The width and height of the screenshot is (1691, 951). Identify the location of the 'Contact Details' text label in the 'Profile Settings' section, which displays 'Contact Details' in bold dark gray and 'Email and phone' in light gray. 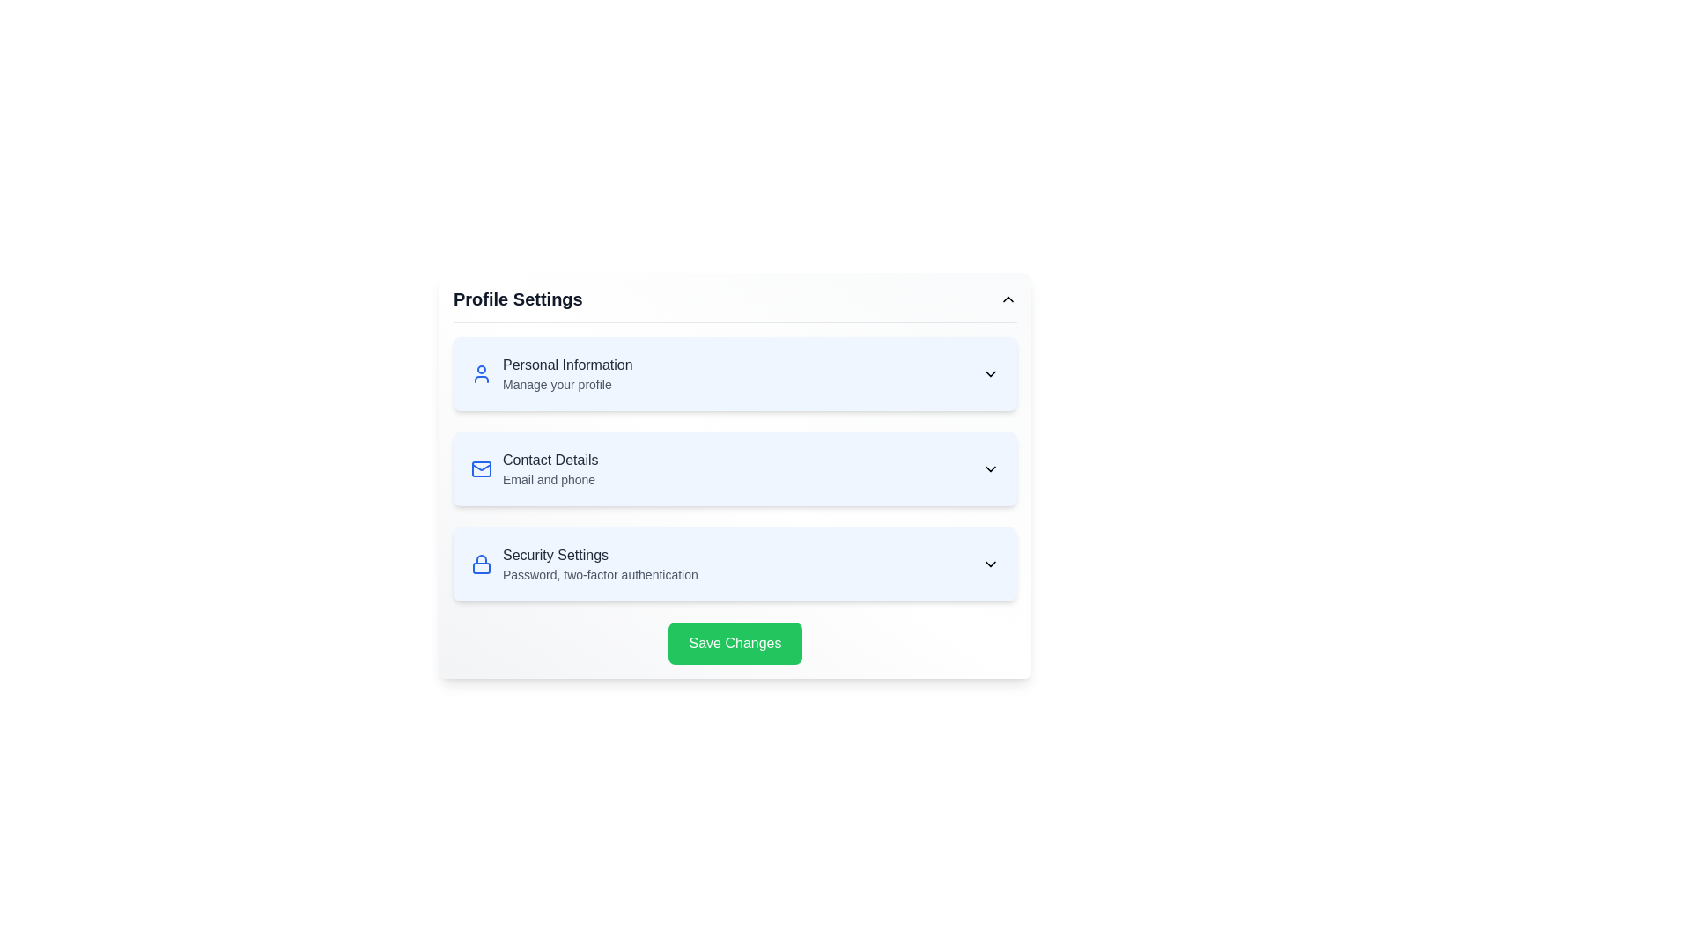
(550, 468).